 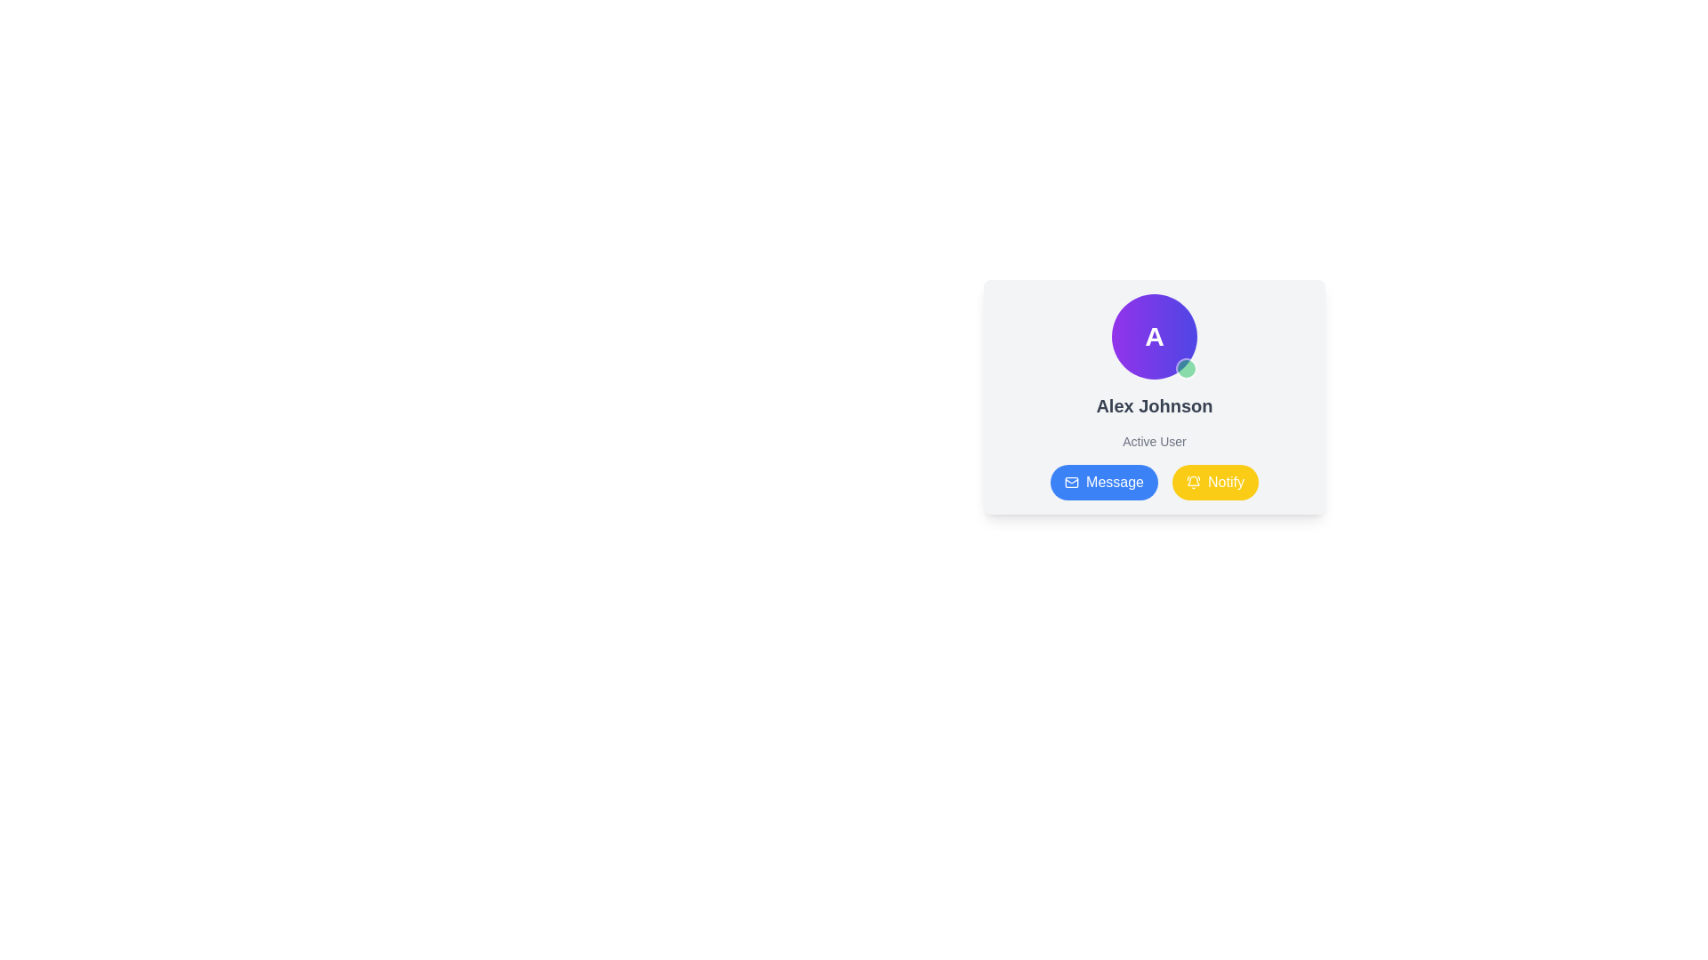 What do you see at coordinates (1154, 483) in the screenshot?
I see `the 'Message' button in the button group located at the bottom of the user information card for user 'Alex Johnson'` at bounding box center [1154, 483].